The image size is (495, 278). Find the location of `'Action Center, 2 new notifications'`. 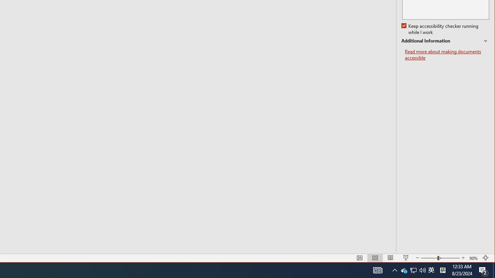

'Action Center, 2 new notifications' is located at coordinates (483, 270).